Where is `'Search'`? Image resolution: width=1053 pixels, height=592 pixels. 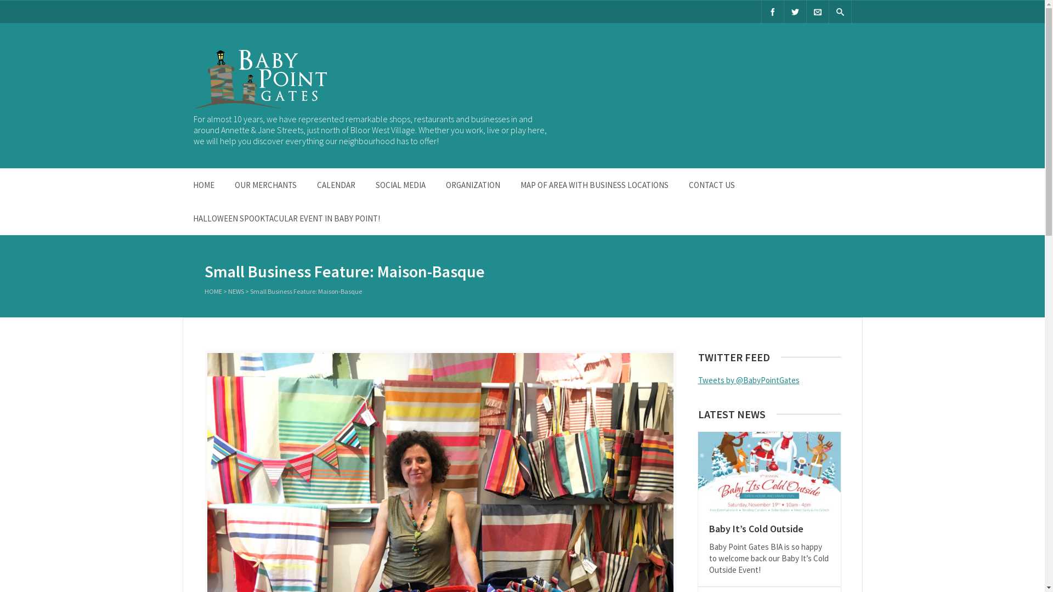 'Search' is located at coordinates (16, 6).